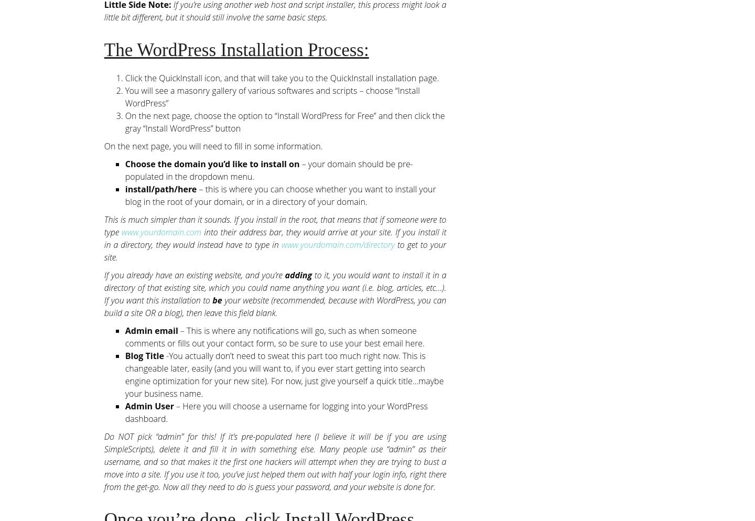 Image resolution: width=755 pixels, height=521 pixels. Describe the element at coordinates (104, 306) in the screenshot. I see `'your website (recommended, because with WordPress, you can build a site OR a blog), then leave this field blank.'` at that location.